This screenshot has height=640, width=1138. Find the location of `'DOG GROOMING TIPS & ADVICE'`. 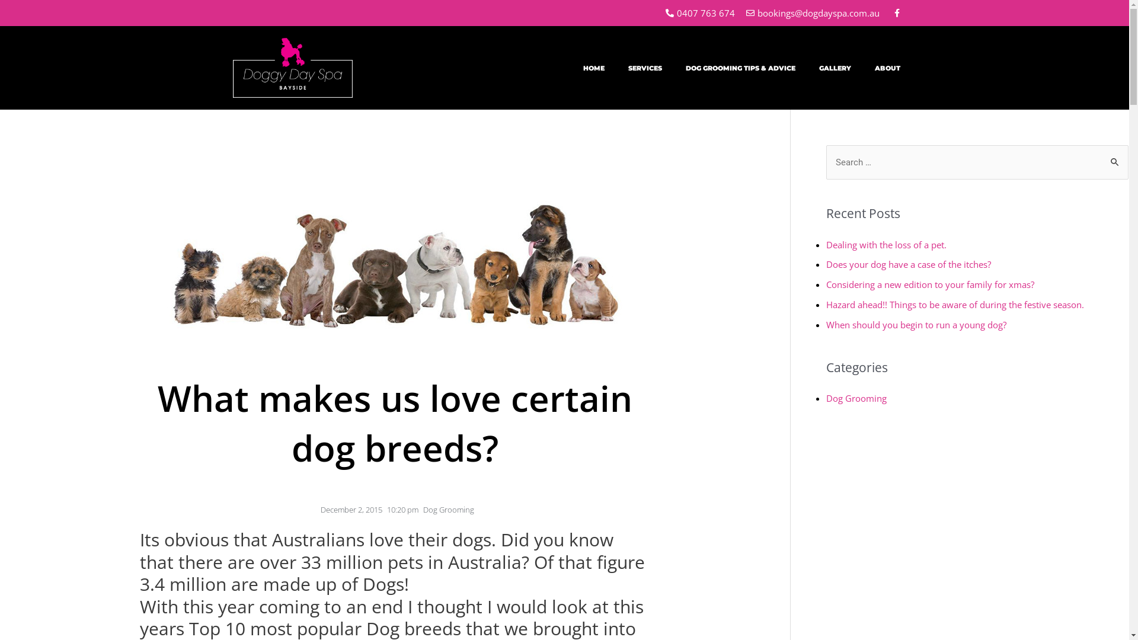

'DOG GROOMING TIPS & ADVICE' is located at coordinates (740, 68).